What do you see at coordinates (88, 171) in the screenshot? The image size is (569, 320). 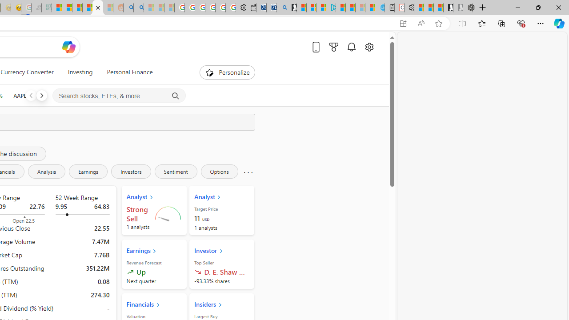 I see `'Earnings'` at bounding box center [88, 171].